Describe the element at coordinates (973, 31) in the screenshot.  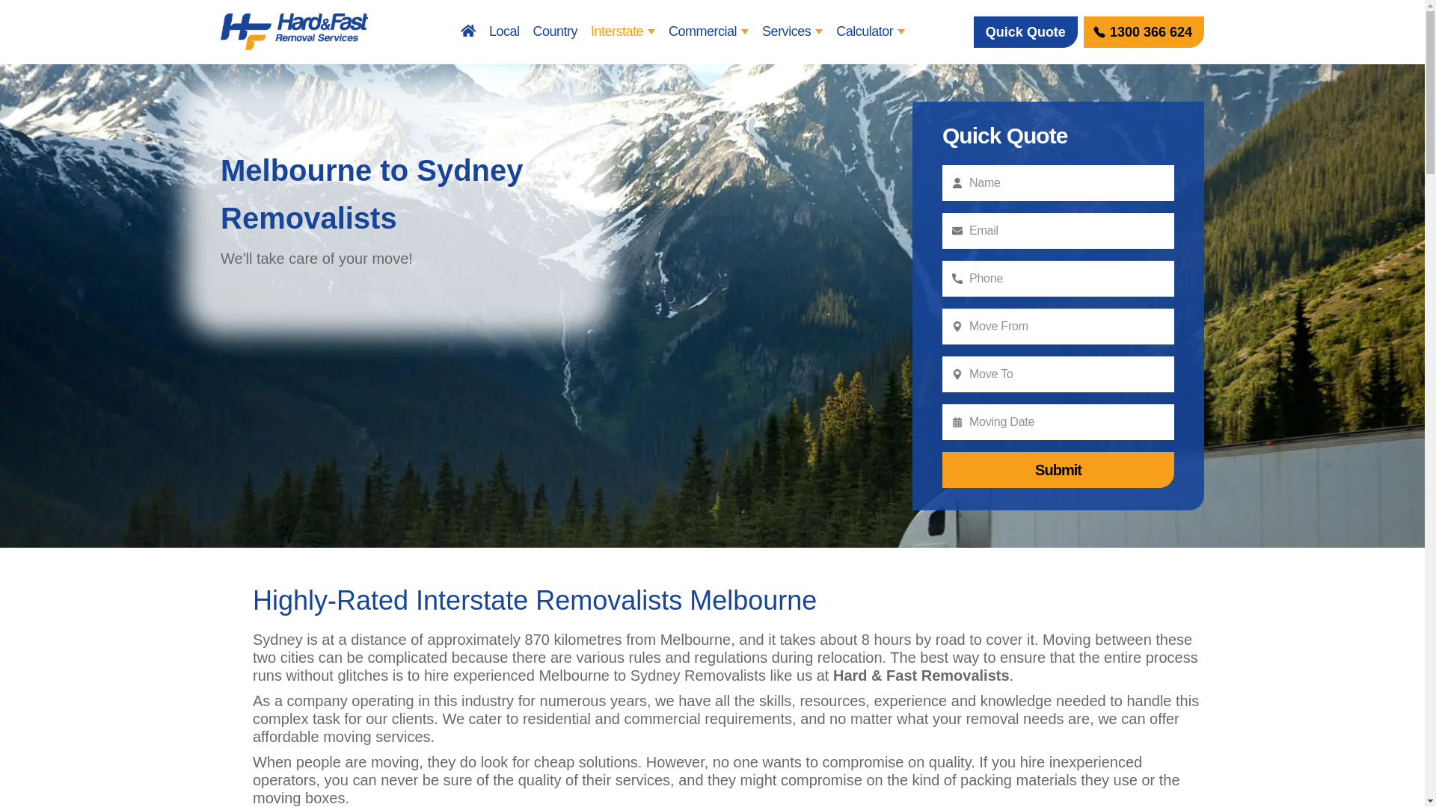
I see `'Quick Quote'` at that location.